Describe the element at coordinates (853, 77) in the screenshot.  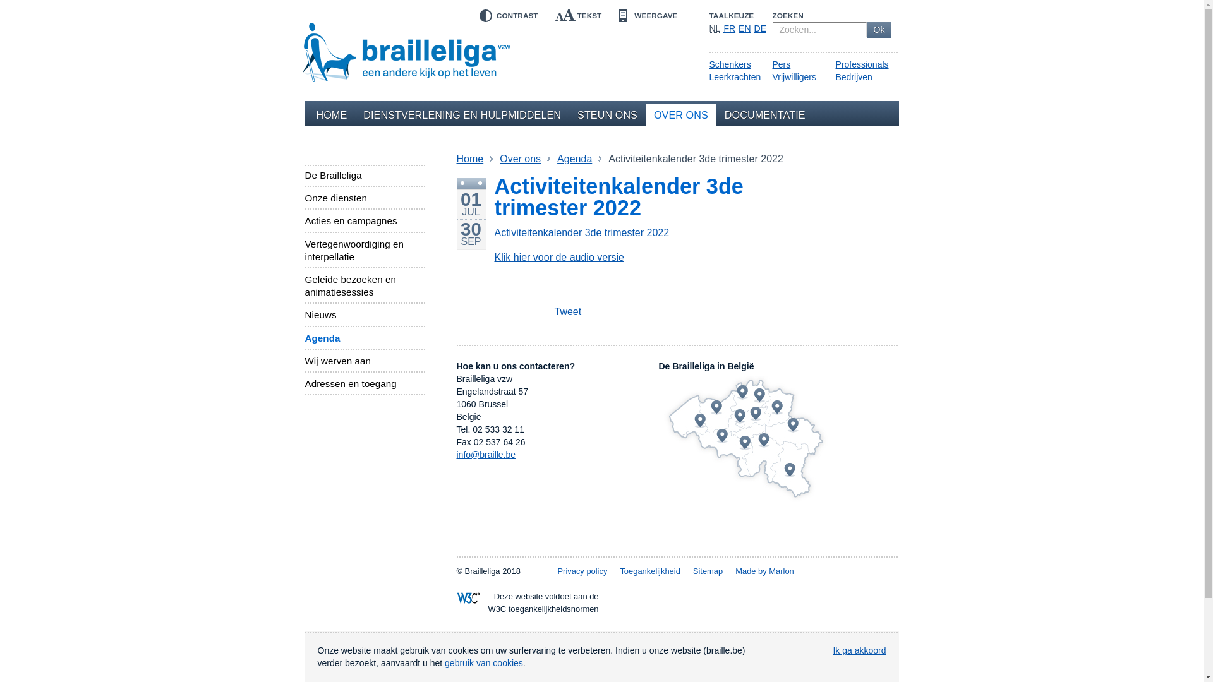
I see `'Bedrijven'` at that location.